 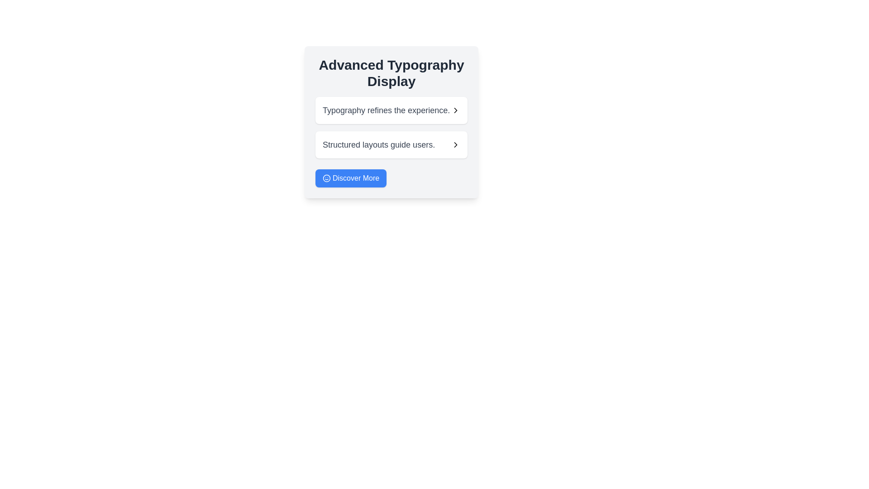 I want to click on the Chevron-Right icon, so click(x=456, y=144).